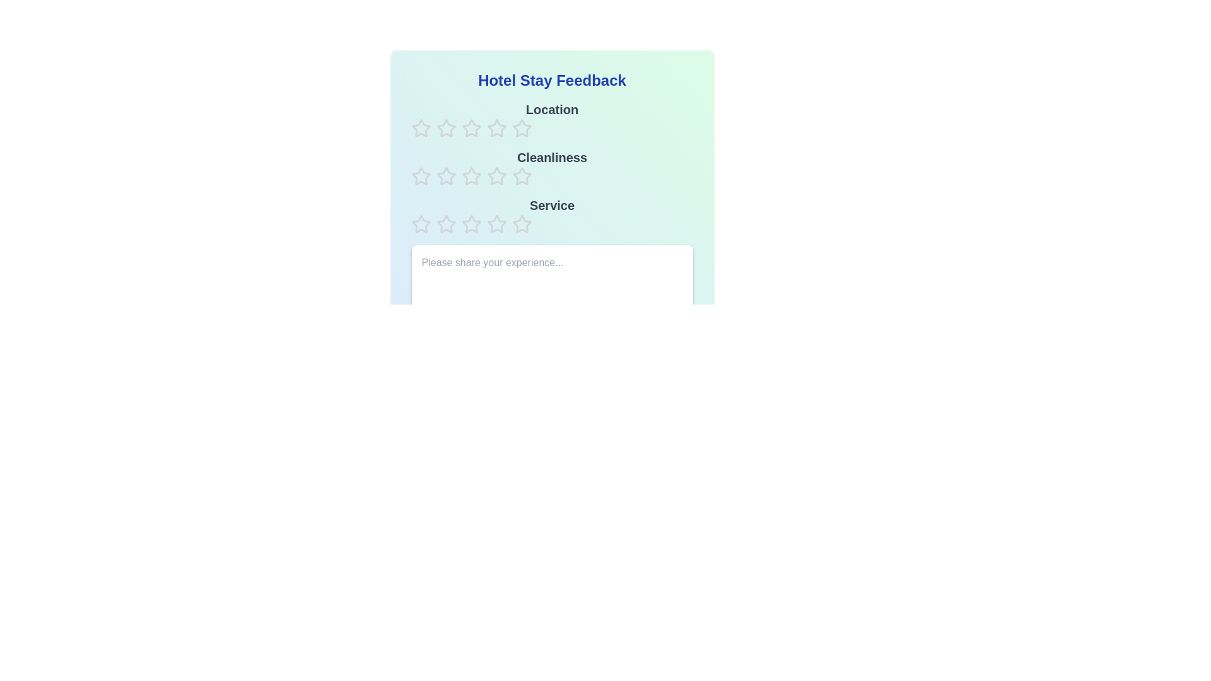 This screenshot has height=681, width=1211. What do you see at coordinates (445, 175) in the screenshot?
I see `the second star in the 'Cleanliness' section of the feedback form to assign a two-star rating` at bounding box center [445, 175].